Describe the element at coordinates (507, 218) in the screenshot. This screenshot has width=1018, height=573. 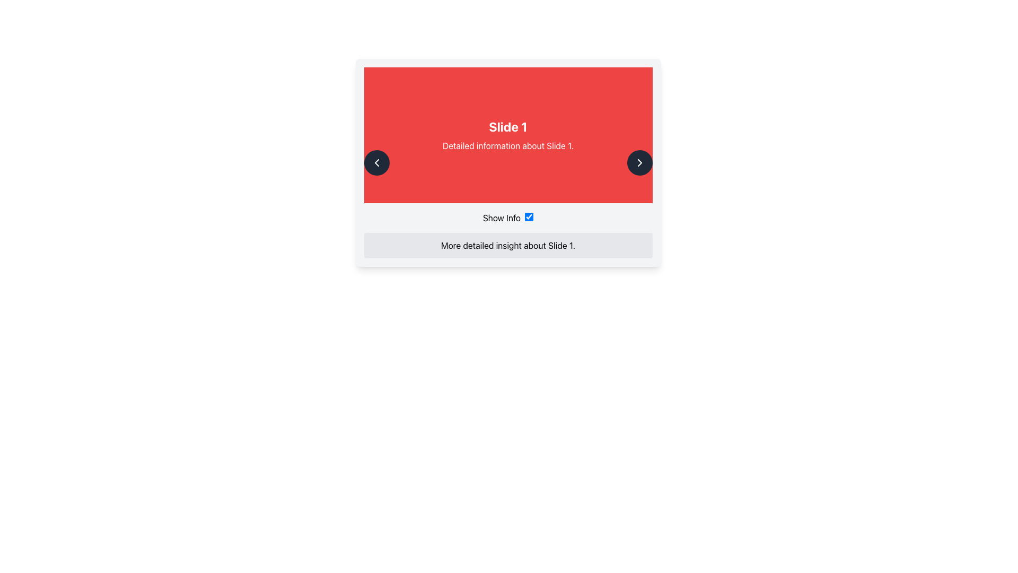
I see `the 'Show Info' text label or the checkbox component located beneath the red header 'Slide 1'` at that location.